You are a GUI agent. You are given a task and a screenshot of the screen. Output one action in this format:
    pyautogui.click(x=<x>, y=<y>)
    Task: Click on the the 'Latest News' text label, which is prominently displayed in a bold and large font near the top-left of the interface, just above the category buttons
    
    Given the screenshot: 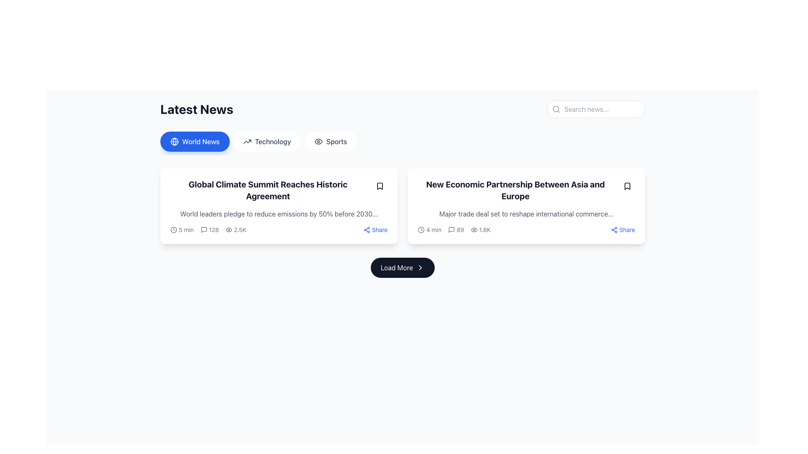 What is the action you would take?
    pyautogui.click(x=196, y=108)
    